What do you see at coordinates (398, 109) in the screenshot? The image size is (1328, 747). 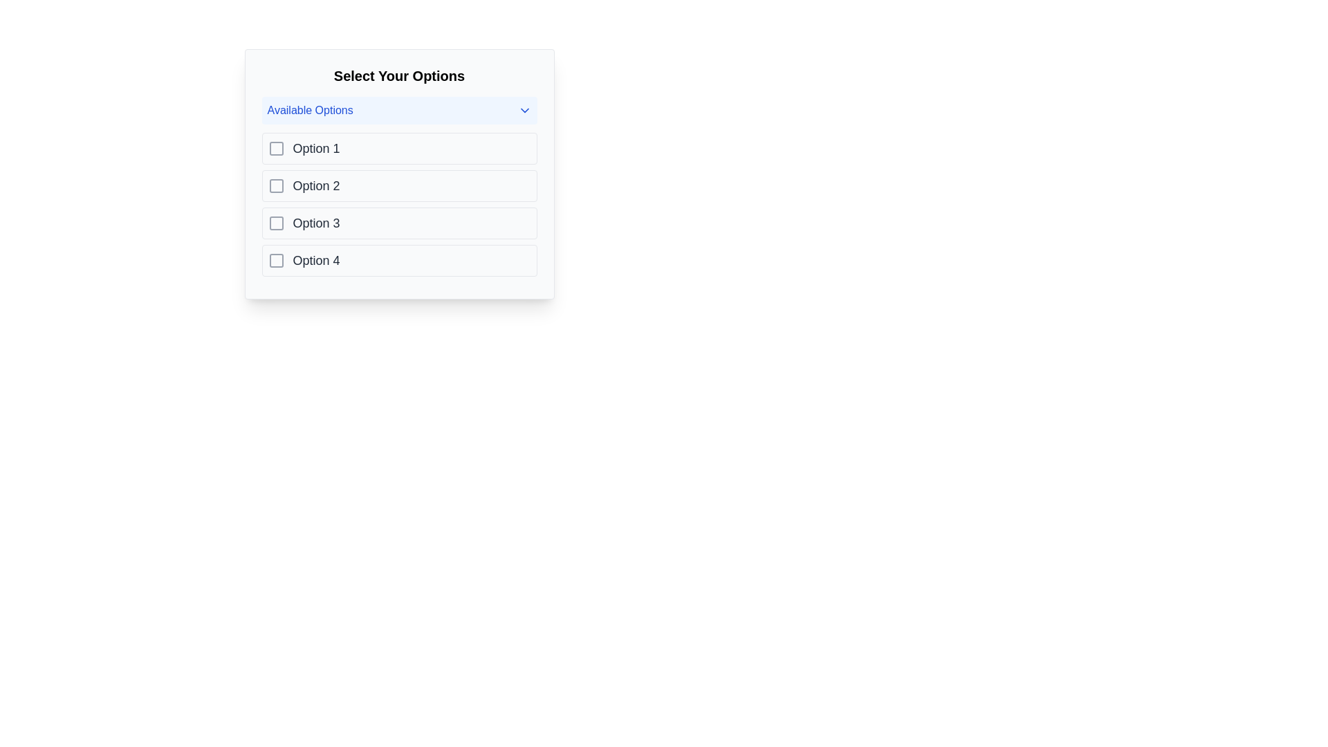 I see `the dropdown trigger labeled 'Available Options'` at bounding box center [398, 109].